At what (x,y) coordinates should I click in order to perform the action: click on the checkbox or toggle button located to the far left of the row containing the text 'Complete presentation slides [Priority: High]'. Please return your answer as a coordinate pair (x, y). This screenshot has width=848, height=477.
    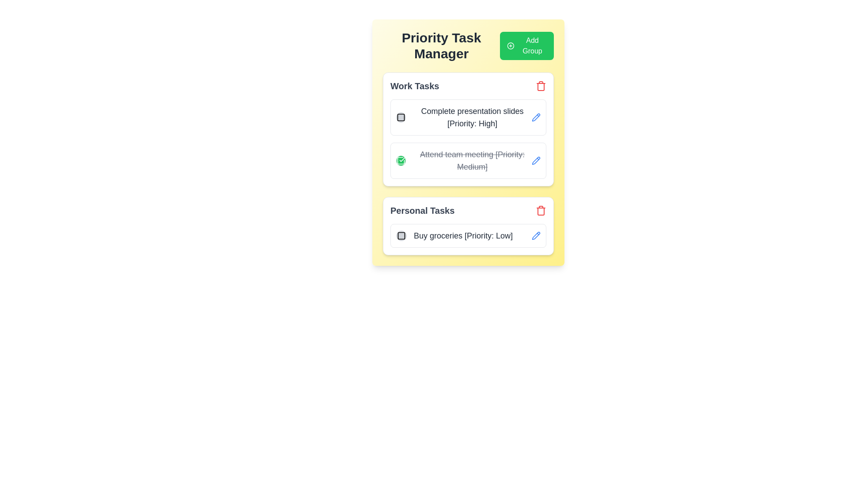
    Looking at the image, I should click on (400, 117).